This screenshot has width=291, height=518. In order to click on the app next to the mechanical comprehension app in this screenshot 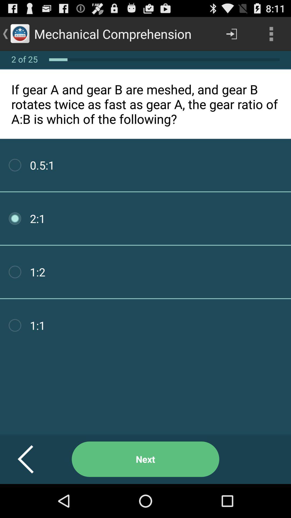, I will do `click(231, 33)`.